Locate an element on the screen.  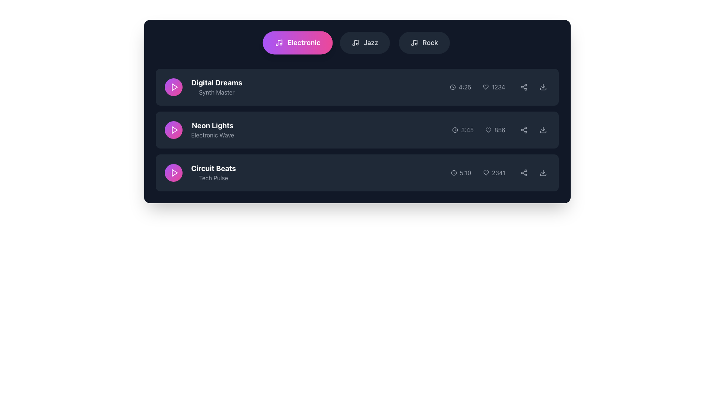
displayed title and subtitle of the music track located in the second row of the vertically-stacked list, centered horizontally and to the right of the circular play button is located at coordinates (212, 129).